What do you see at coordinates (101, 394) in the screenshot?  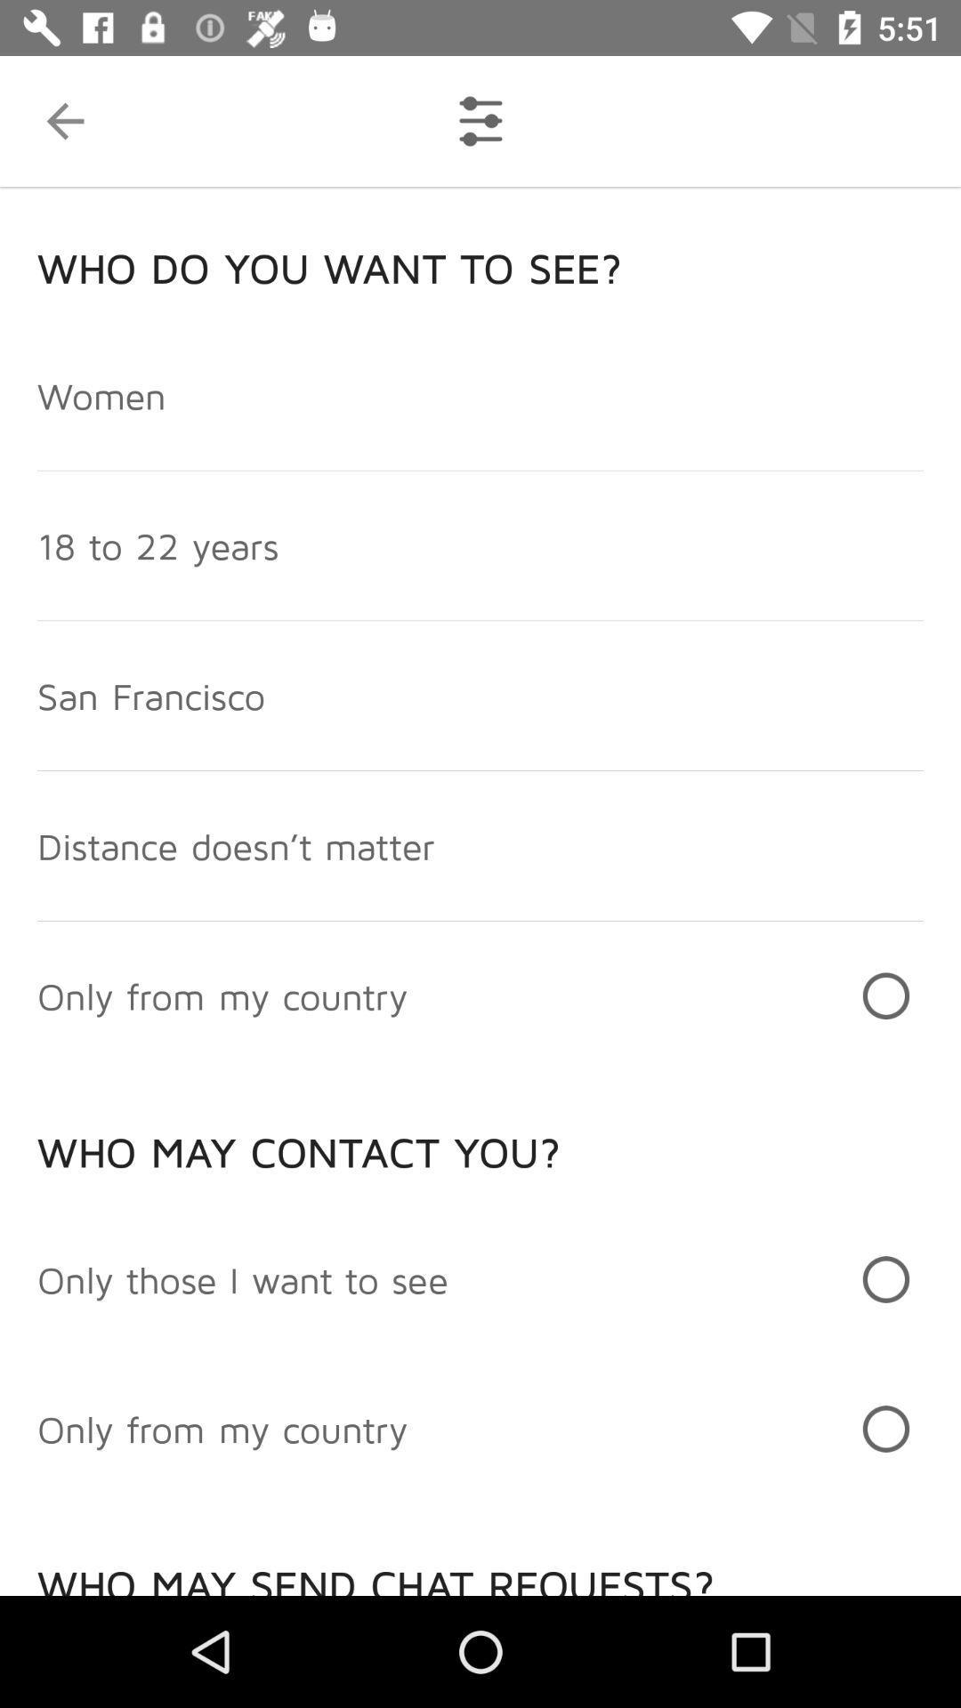 I see `item below the who do you item` at bounding box center [101, 394].